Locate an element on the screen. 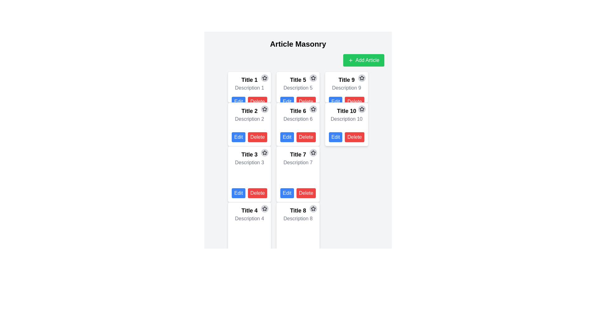  the second card in the first column of the grid layout is located at coordinates (249, 124).